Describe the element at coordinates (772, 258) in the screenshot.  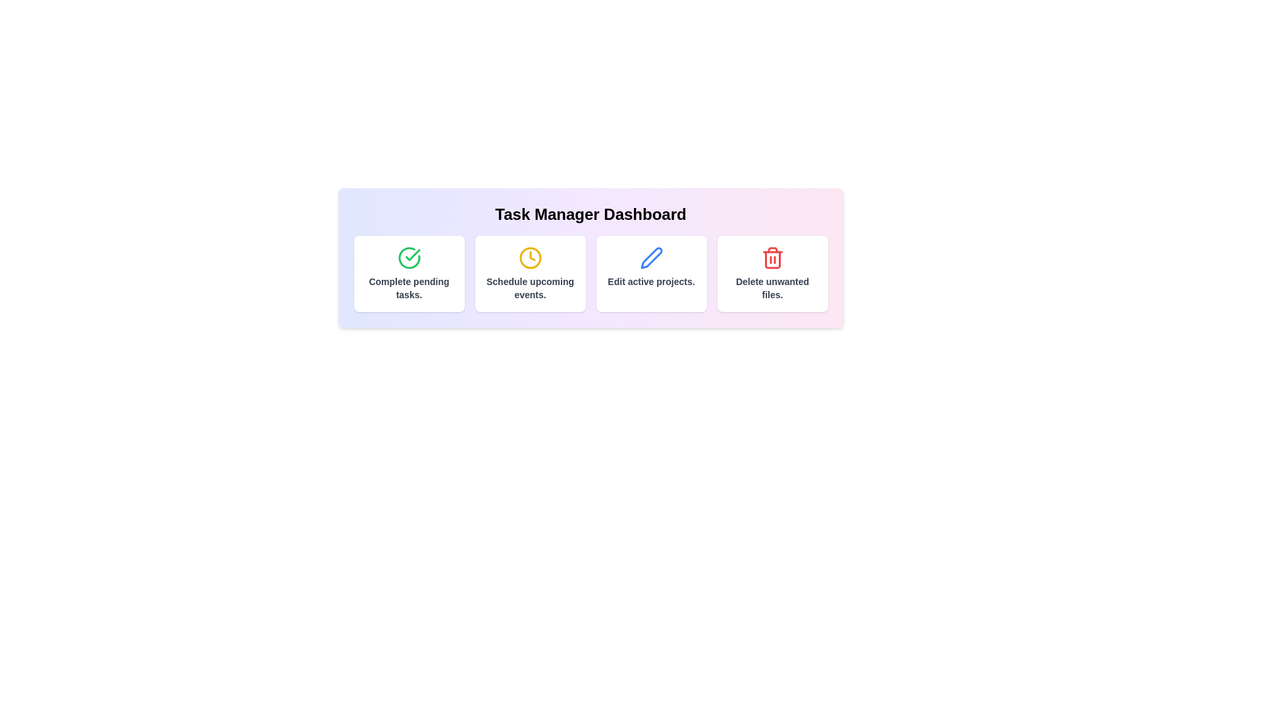
I see `the delete icon located in the bottom-right corner of the 'Delete unwanted files' card in the Task Manager Dashboard` at that location.